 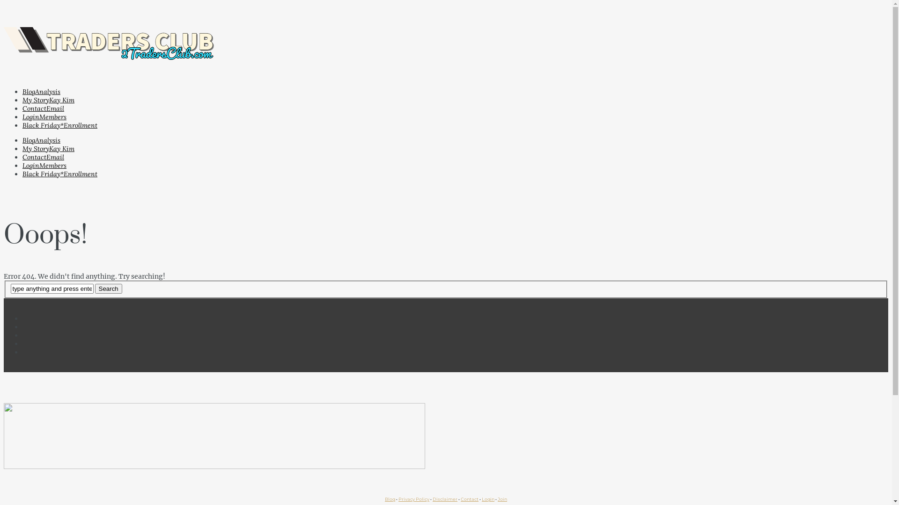 I want to click on 'n', so click(x=492, y=498).